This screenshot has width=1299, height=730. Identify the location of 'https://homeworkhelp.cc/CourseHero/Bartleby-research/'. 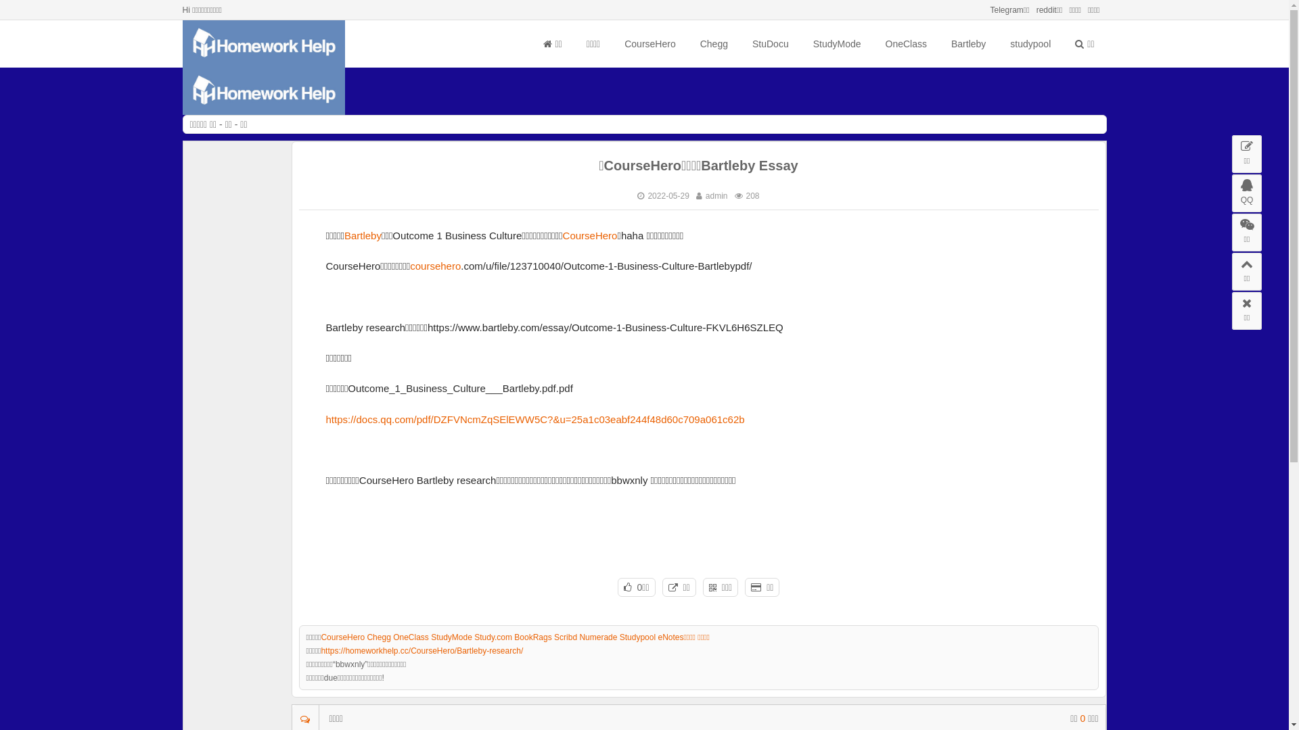
(421, 650).